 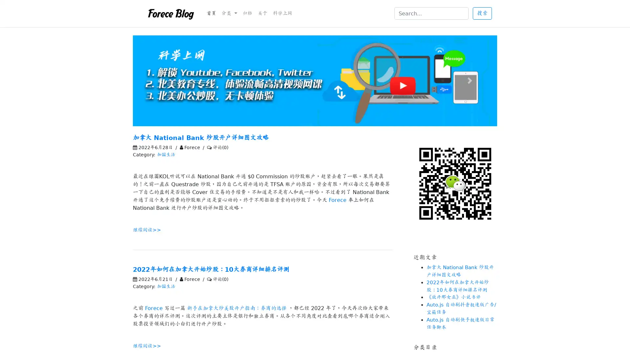 What do you see at coordinates (469, 80) in the screenshot?
I see `Next` at bounding box center [469, 80].